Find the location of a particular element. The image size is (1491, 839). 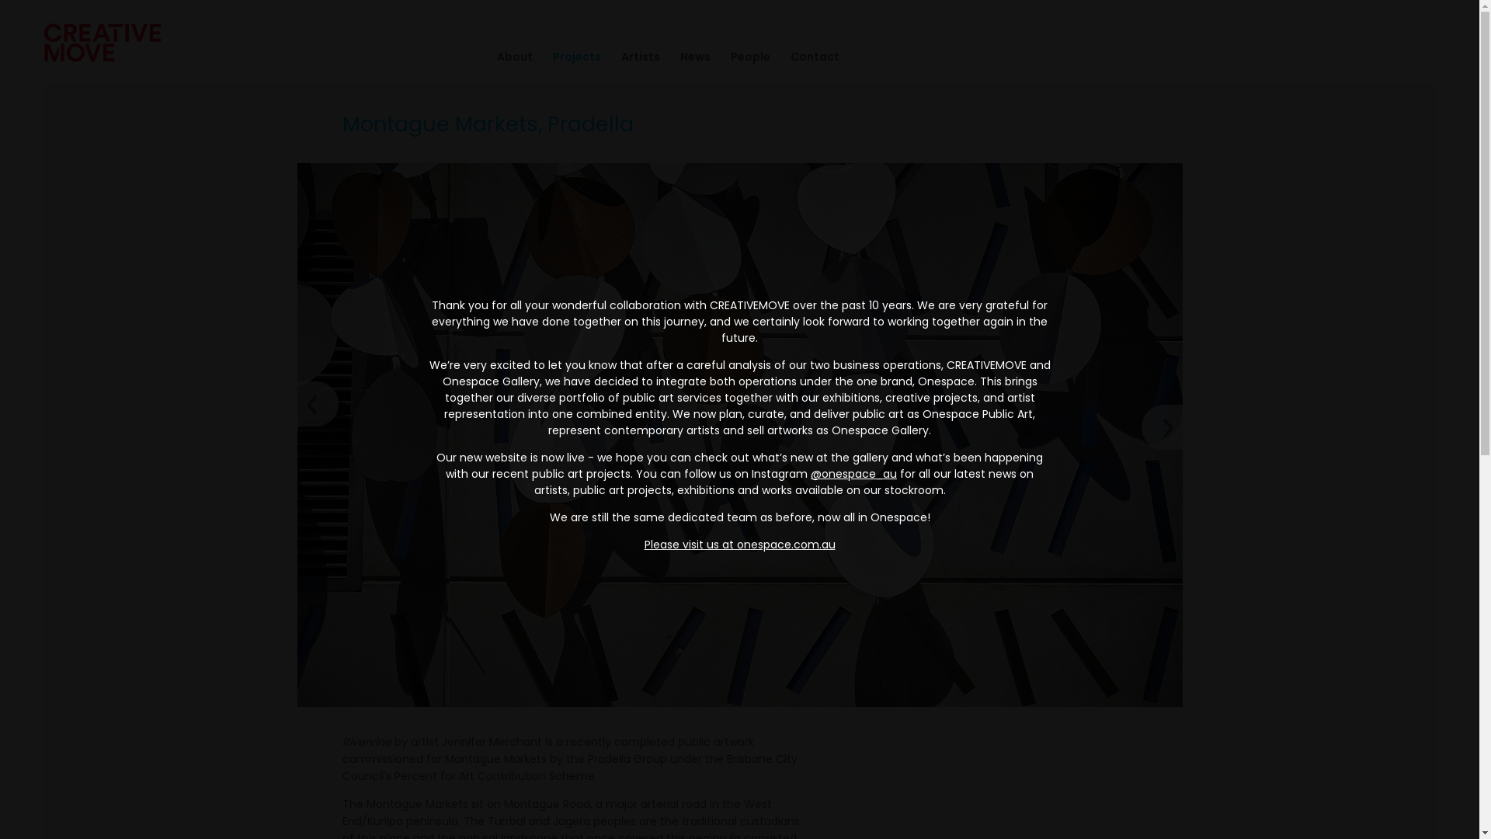

'@onespace_au' is located at coordinates (853, 472).